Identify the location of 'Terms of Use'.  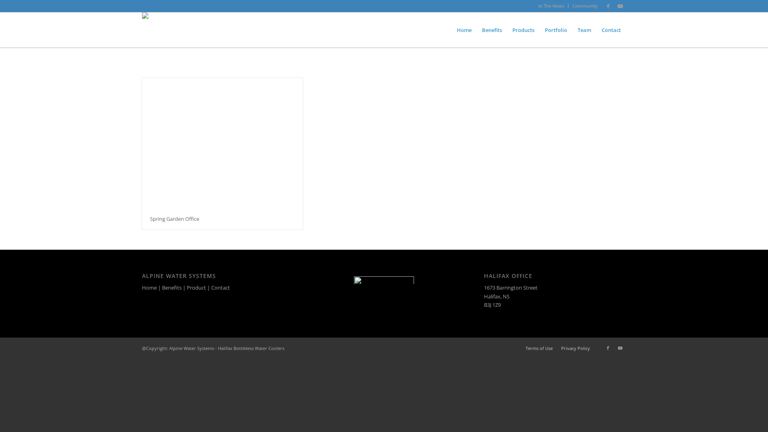
(539, 348).